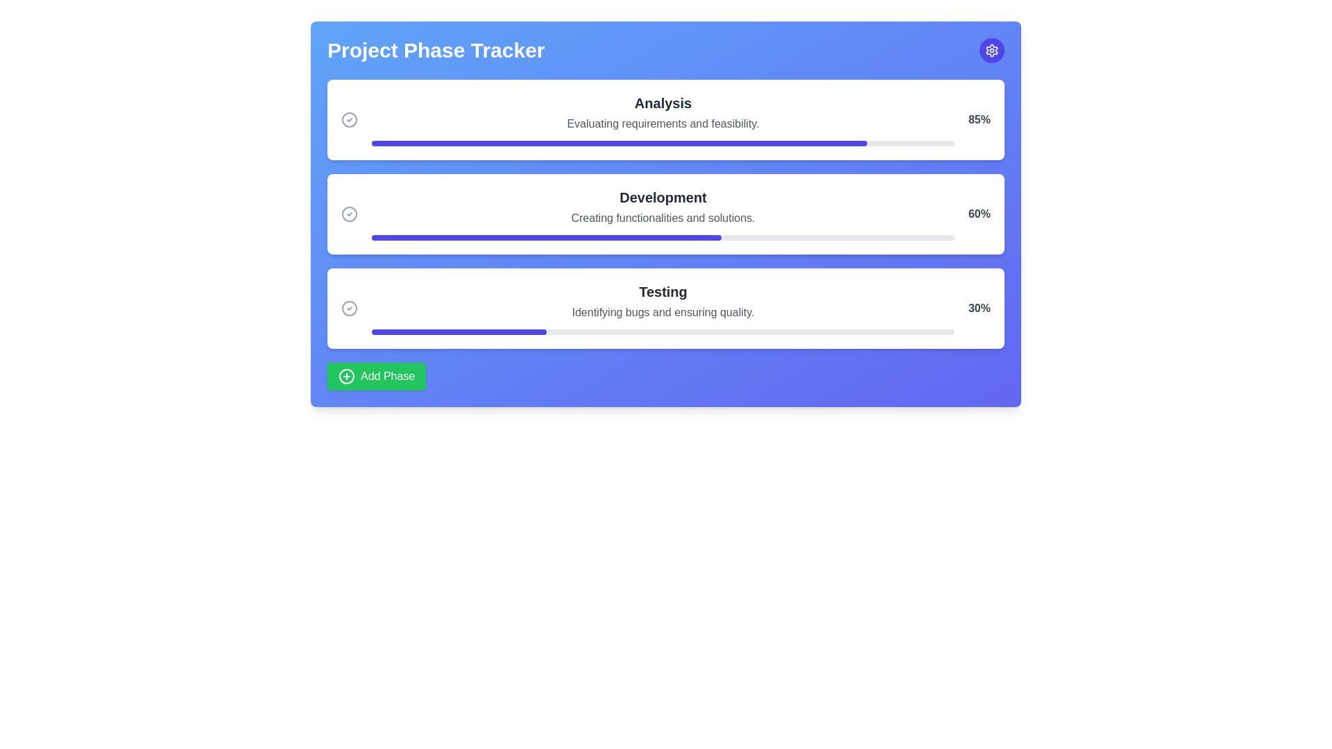 The height and width of the screenshot is (749, 1332). What do you see at coordinates (377, 377) in the screenshot?
I see `the green 'Add Phase' button with rounded corners` at bounding box center [377, 377].